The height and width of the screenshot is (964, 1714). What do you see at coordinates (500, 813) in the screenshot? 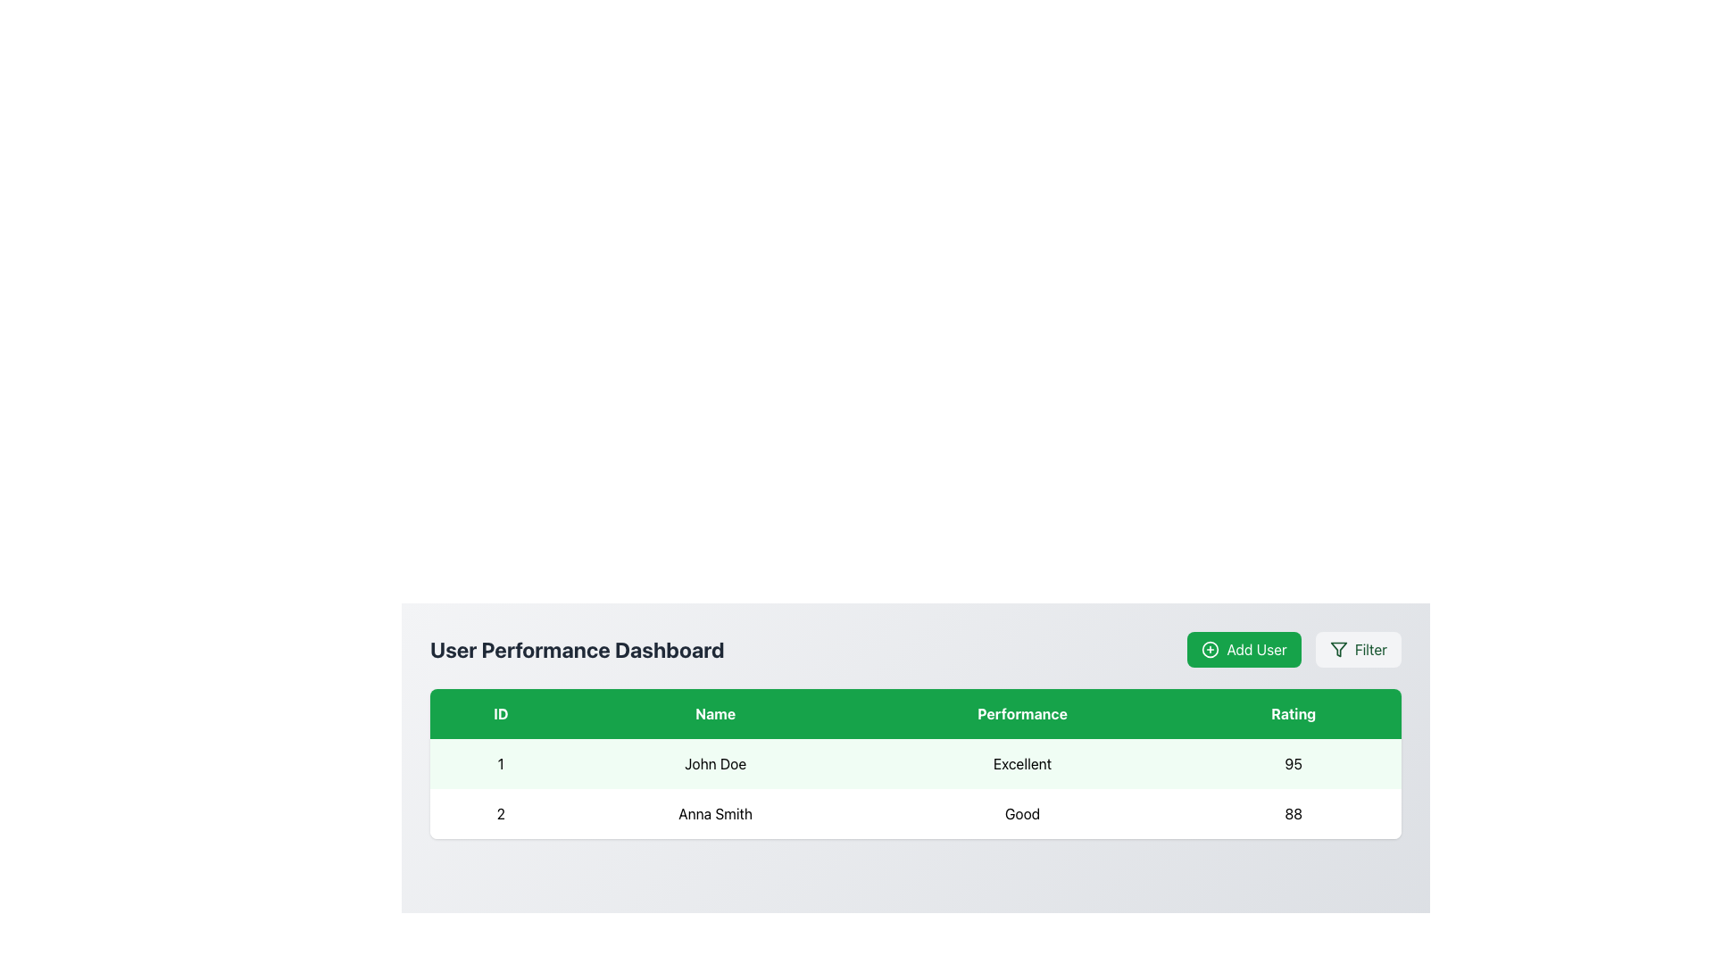
I see `the table cell containing the centered text '2' in the second row under the 'ID' column` at bounding box center [500, 813].